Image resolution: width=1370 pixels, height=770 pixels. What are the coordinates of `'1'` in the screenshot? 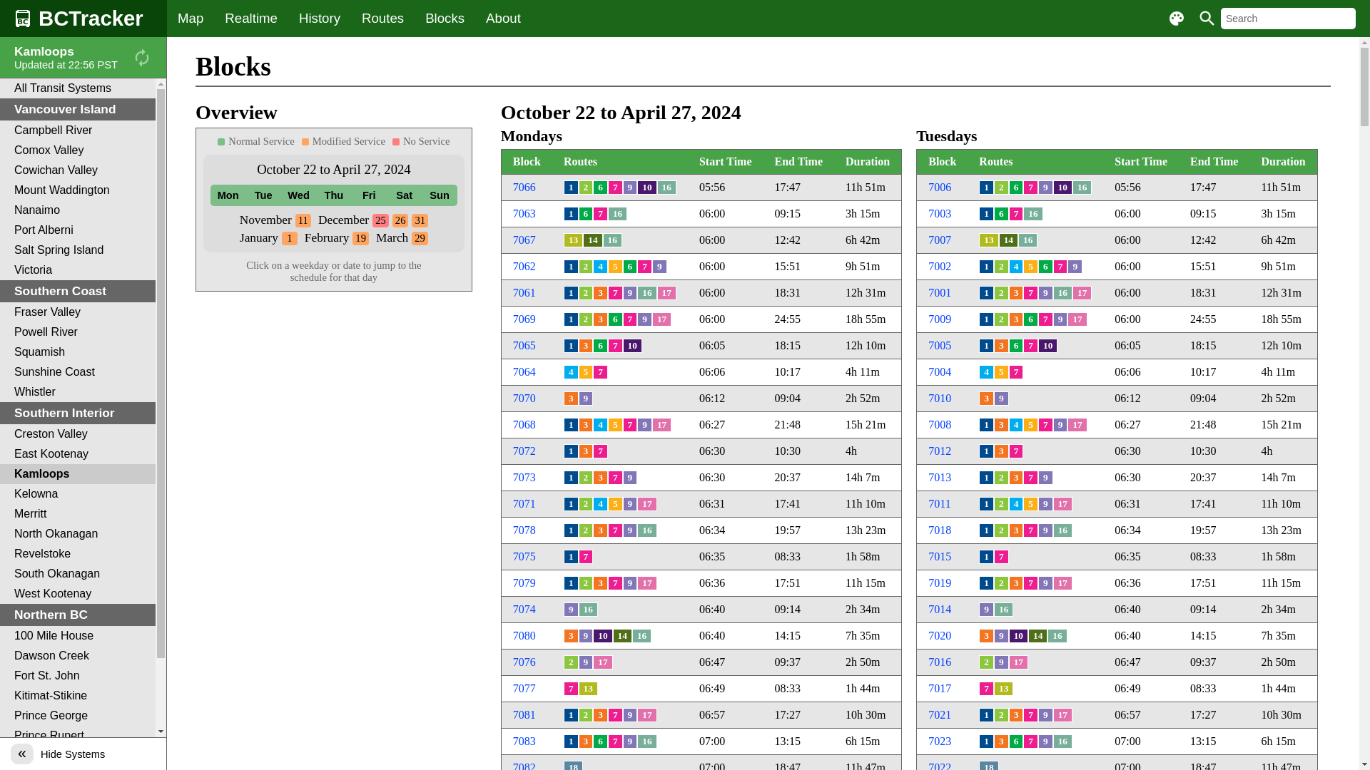 It's located at (571, 267).